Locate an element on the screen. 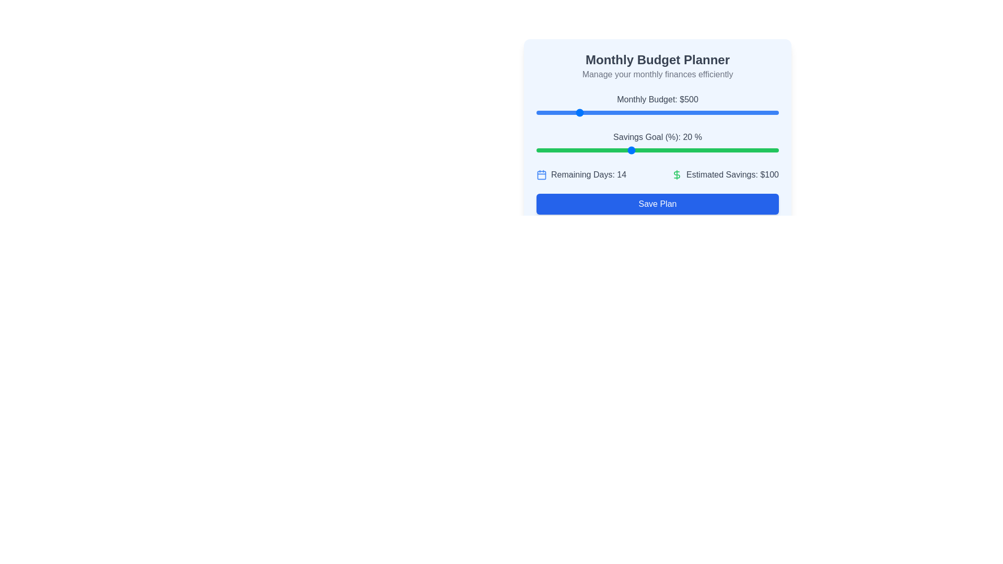 The image size is (1003, 564). the budget is located at coordinates (768, 113).